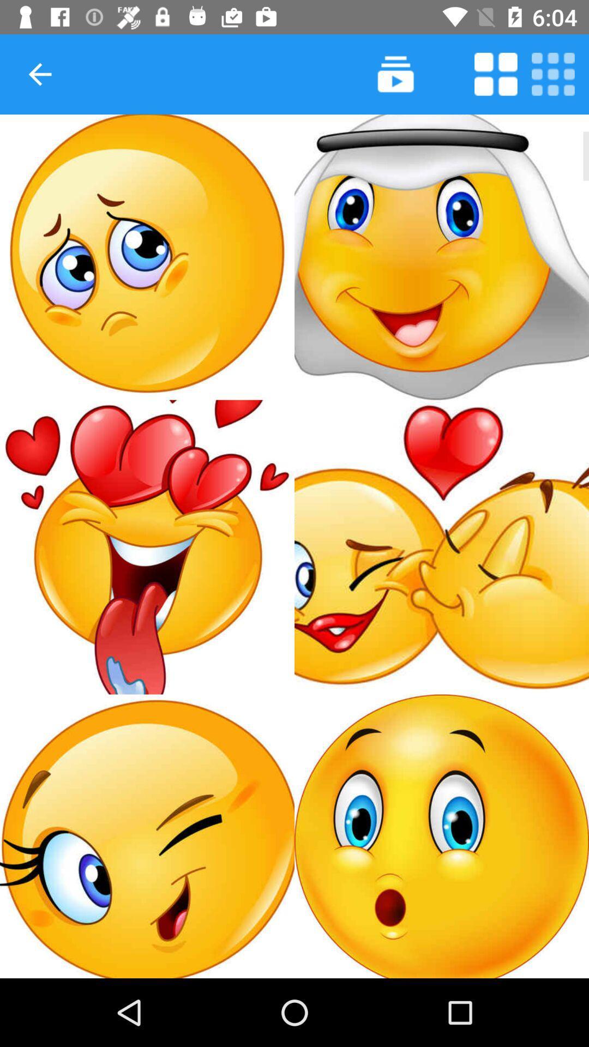 The height and width of the screenshot is (1047, 589). Describe the element at coordinates (496, 74) in the screenshot. I see `switch autoplay option` at that location.